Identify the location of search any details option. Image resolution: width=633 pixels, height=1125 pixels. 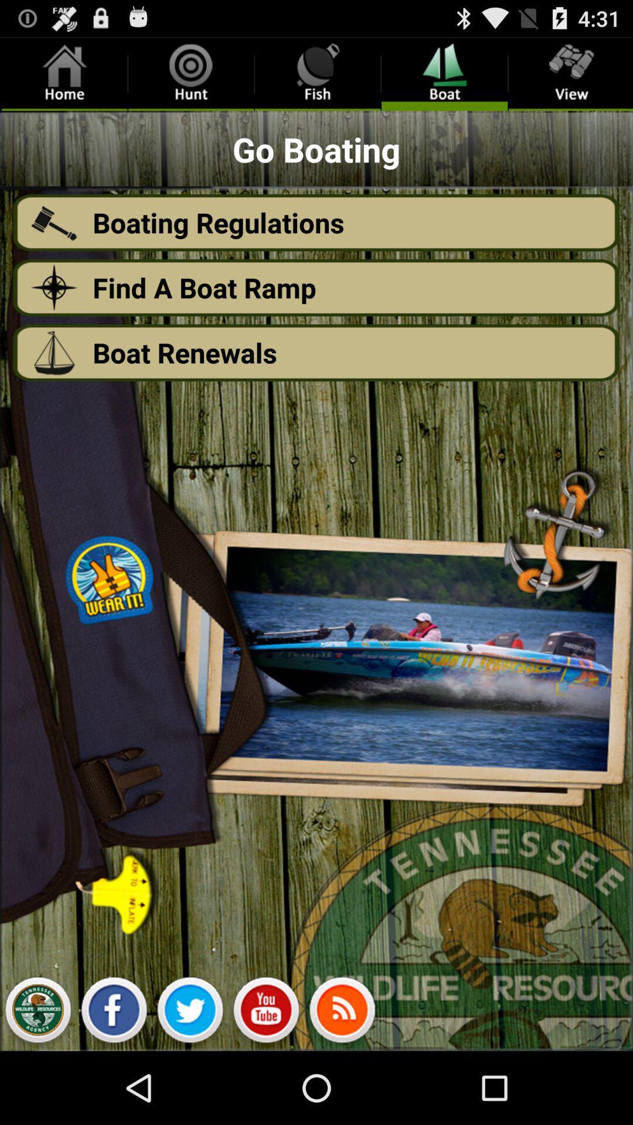
(266, 1012).